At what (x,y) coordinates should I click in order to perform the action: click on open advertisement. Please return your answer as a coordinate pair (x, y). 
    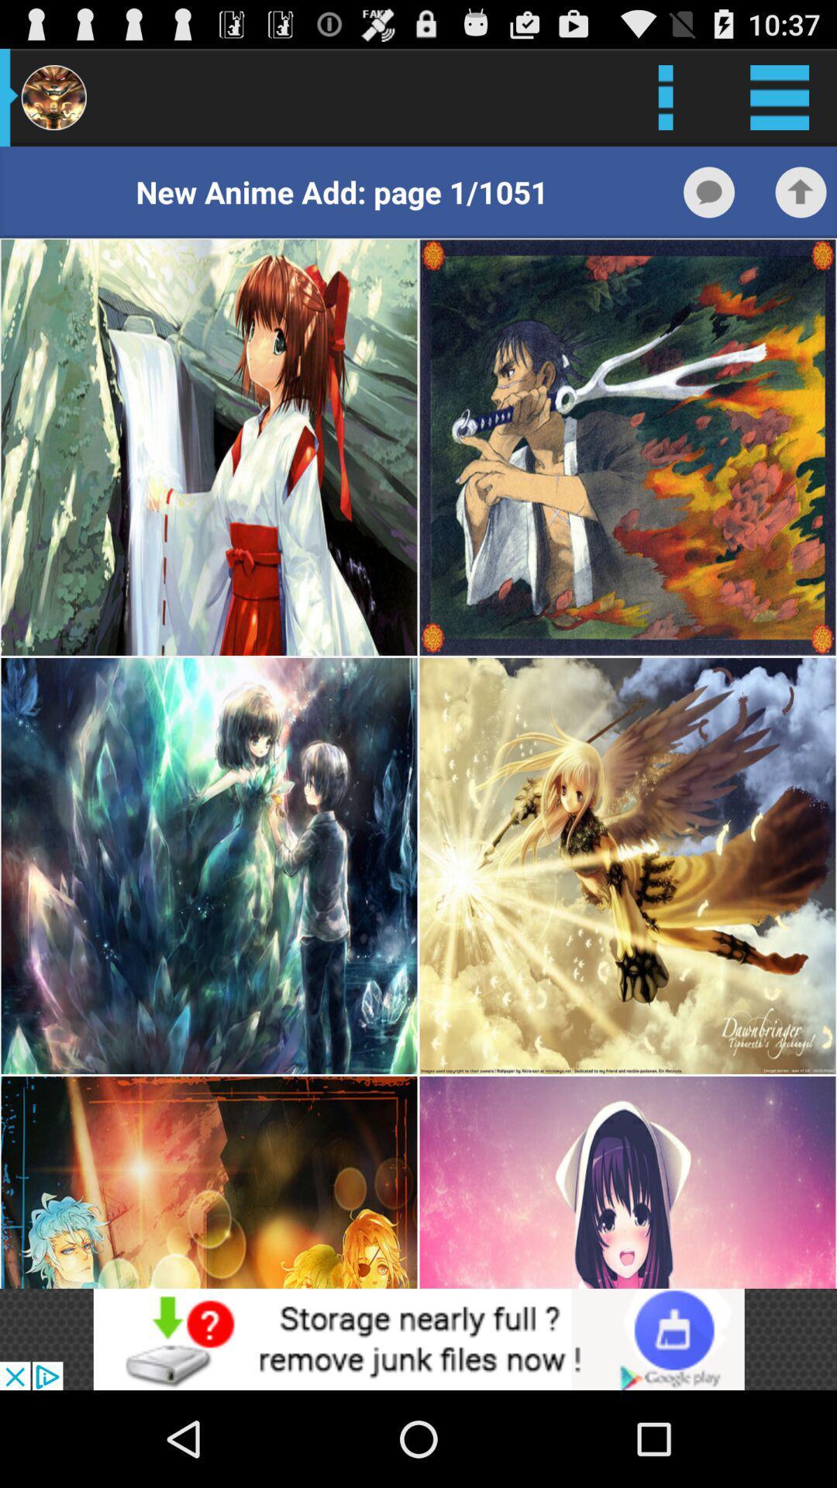
    Looking at the image, I should click on (418, 1338).